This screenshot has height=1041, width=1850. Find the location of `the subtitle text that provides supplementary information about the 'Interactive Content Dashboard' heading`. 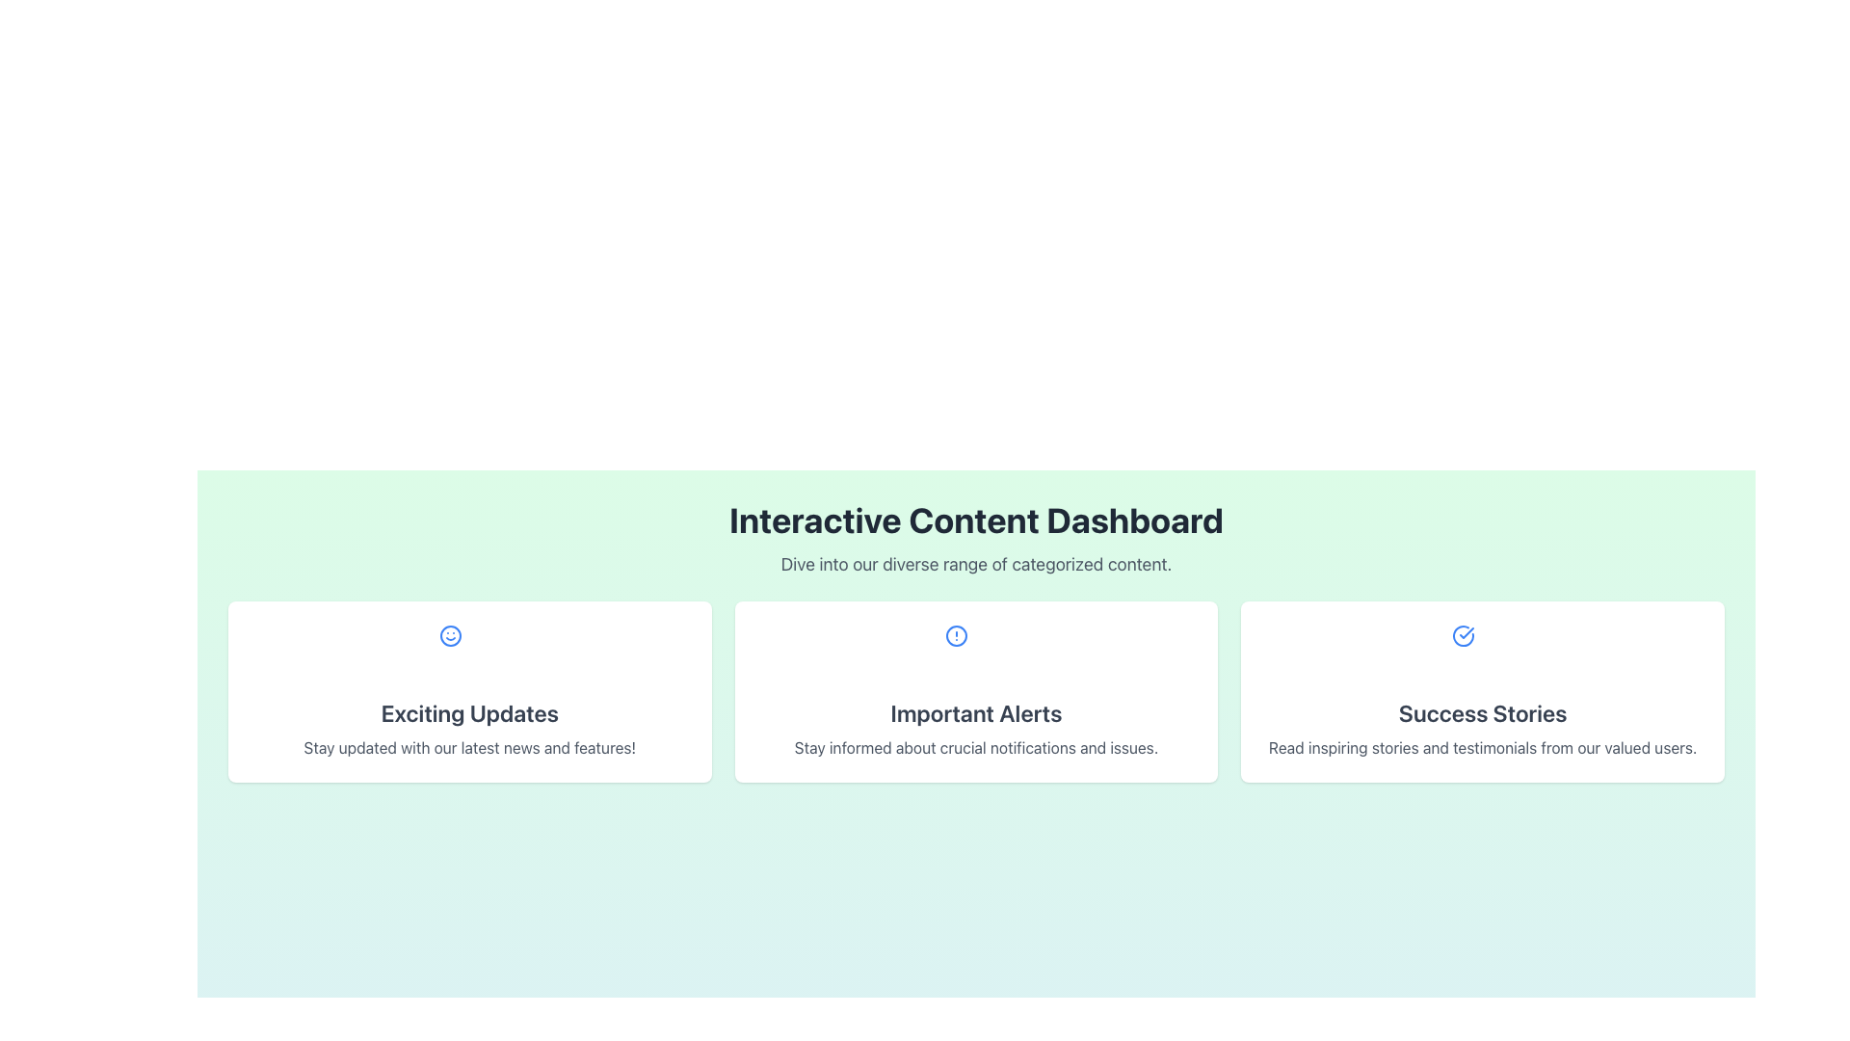

the subtitle text that provides supplementary information about the 'Interactive Content Dashboard' heading is located at coordinates (976, 564).